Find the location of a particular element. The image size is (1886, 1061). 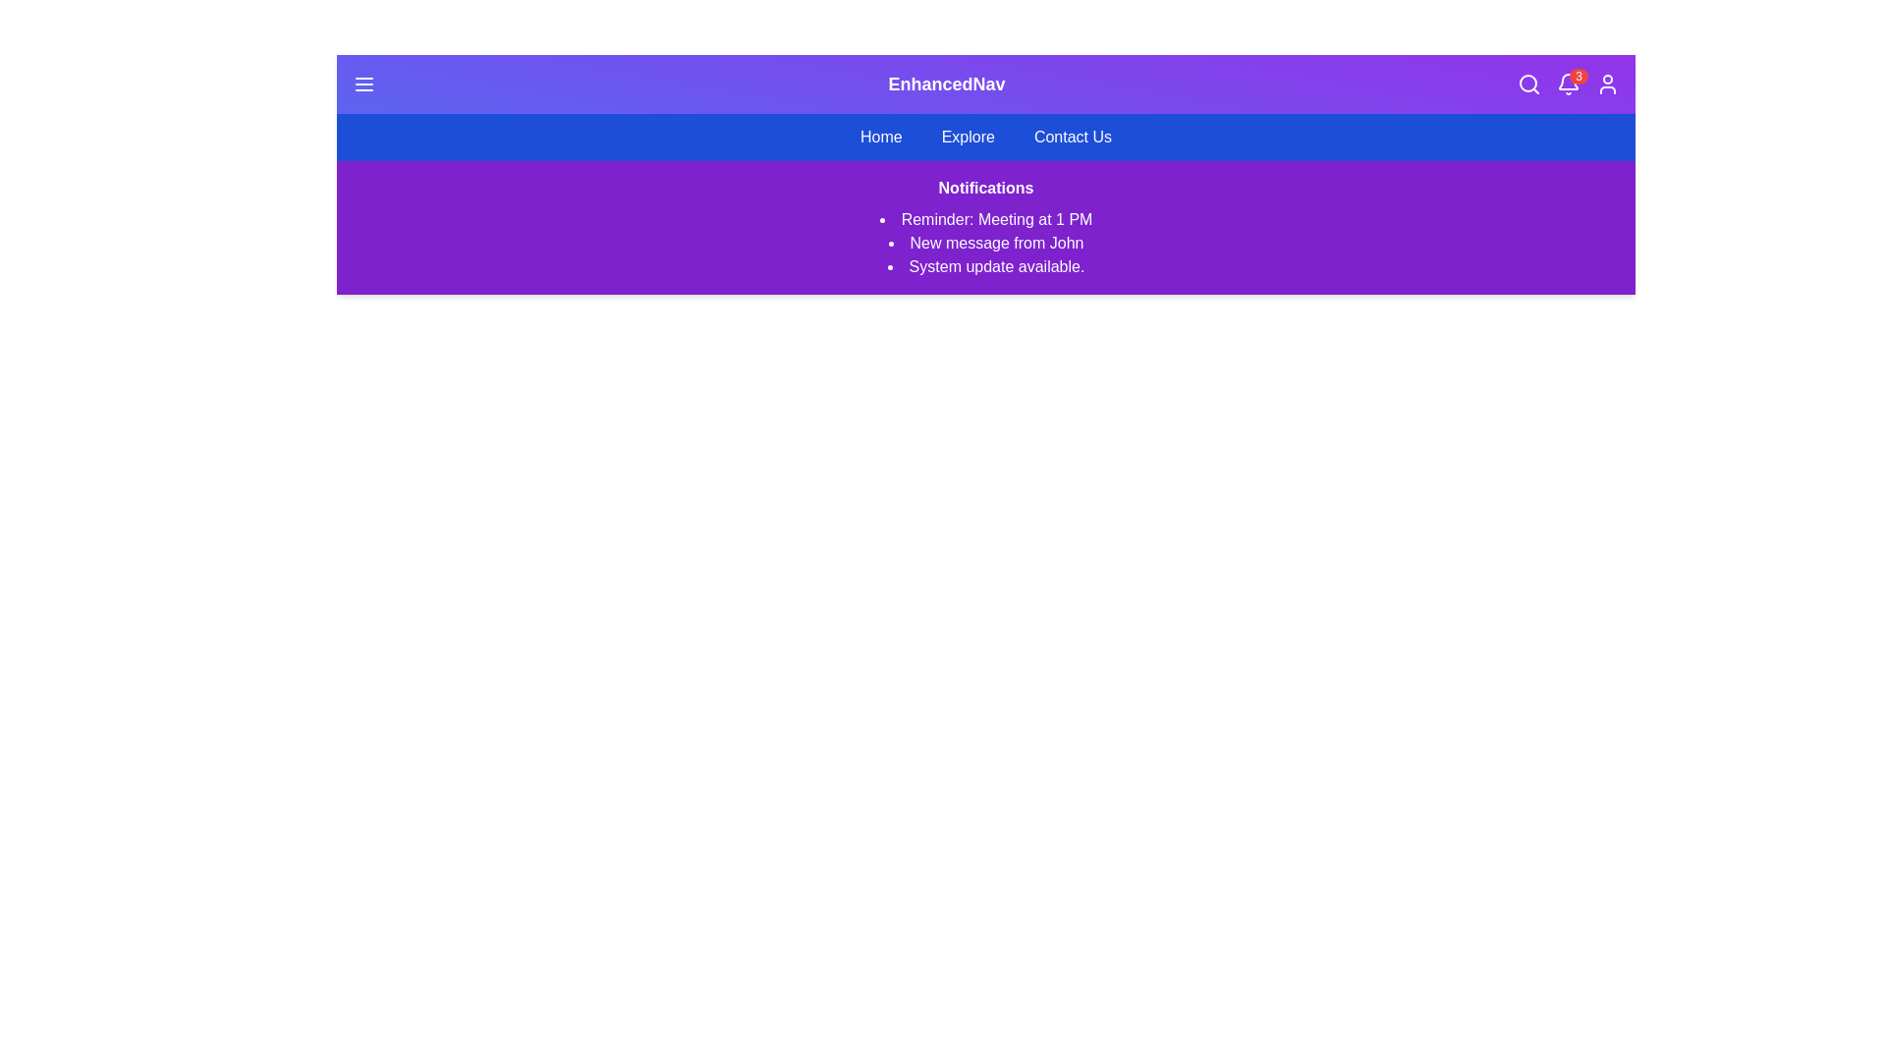

the first item in the 'Notifications' list, which serves as an informational message about an upcoming meeting at 1 PM is located at coordinates (985, 219).